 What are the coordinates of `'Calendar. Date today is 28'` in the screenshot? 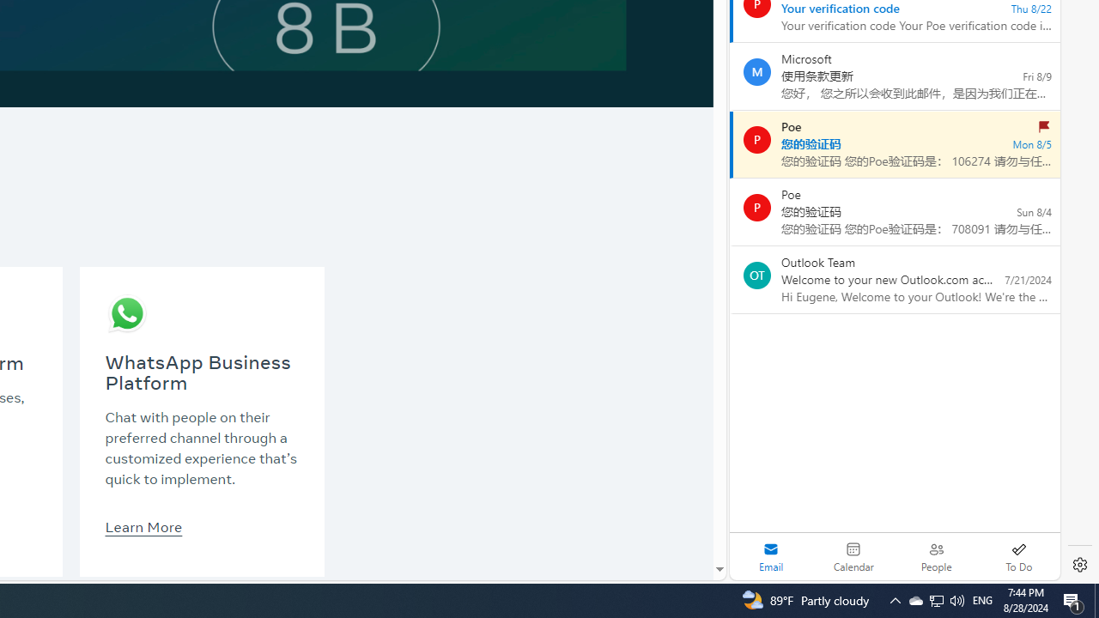 It's located at (853, 556).